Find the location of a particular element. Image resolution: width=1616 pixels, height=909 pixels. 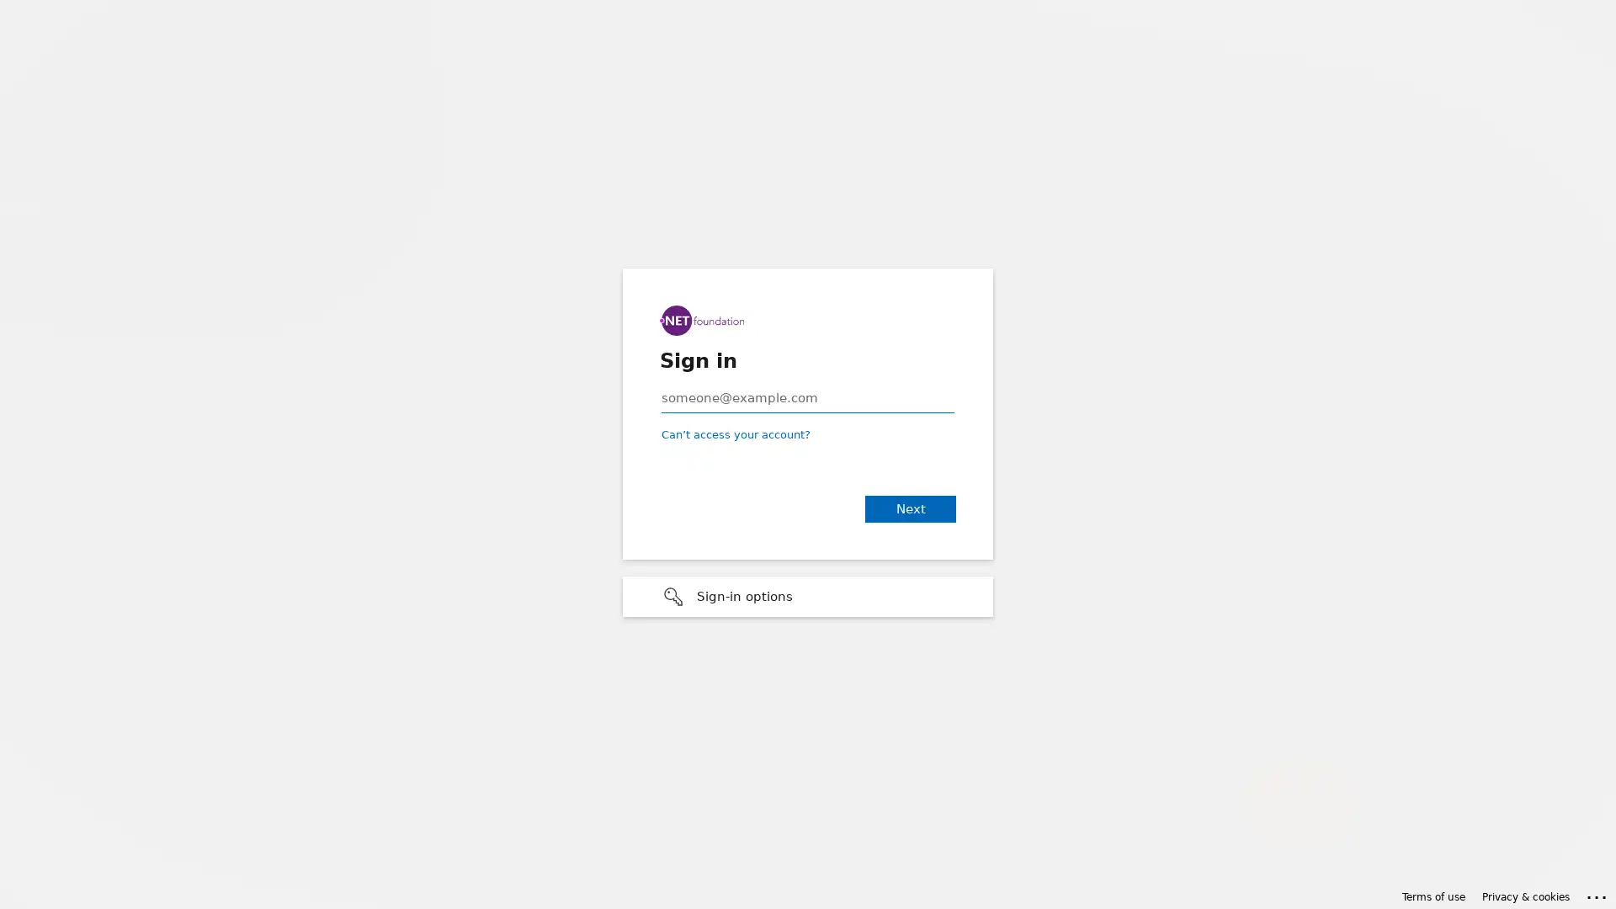

Click here for troubleshooting information is located at coordinates (1597, 894).